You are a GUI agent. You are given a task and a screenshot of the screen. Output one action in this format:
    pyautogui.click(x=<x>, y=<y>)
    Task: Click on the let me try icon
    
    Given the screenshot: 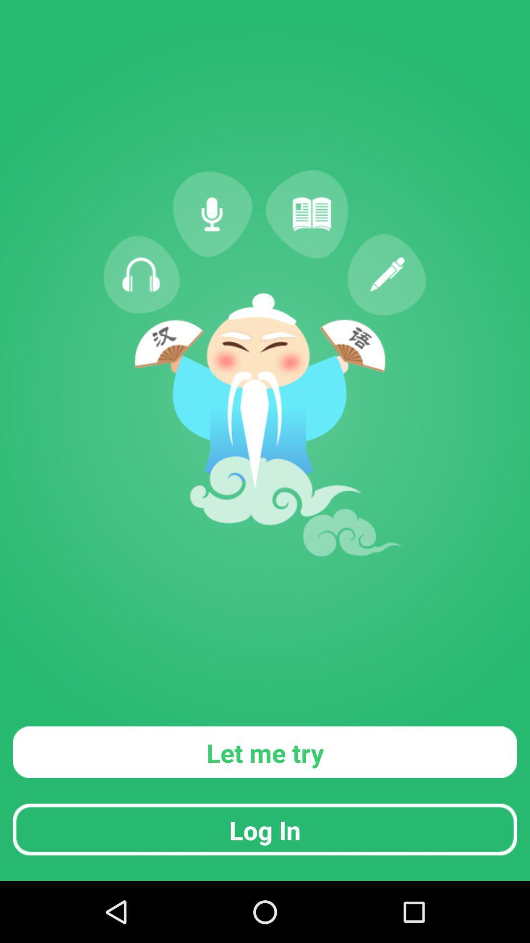 What is the action you would take?
    pyautogui.click(x=265, y=751)
    